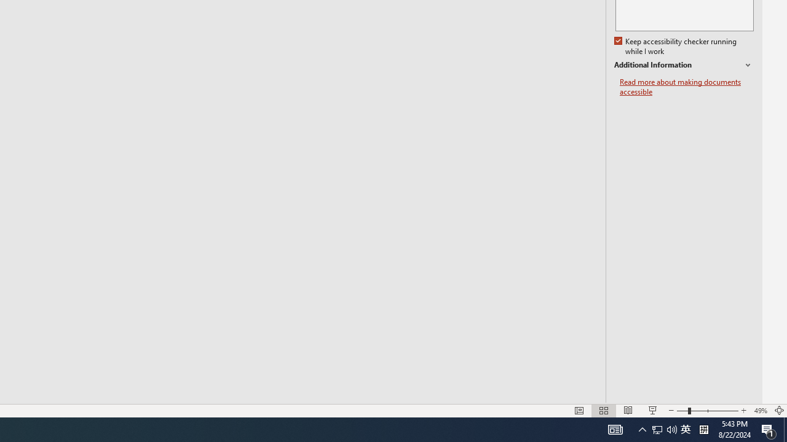 The image size is (787, 442). I want to click on 'Zoom 49%', so click(760, 411).